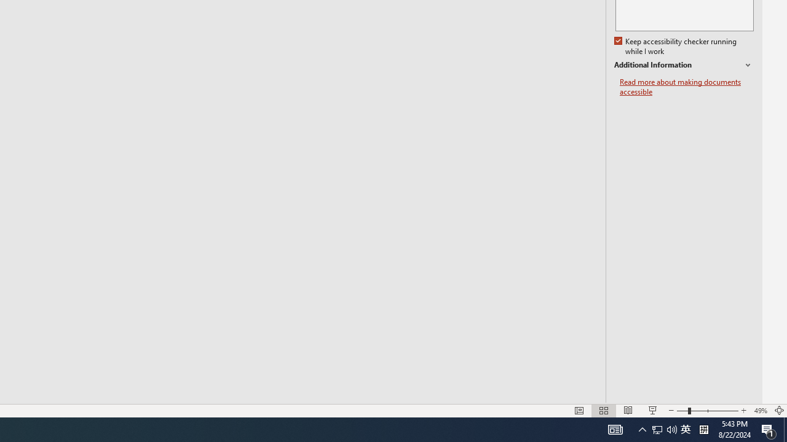 The image size is (787, 442). I want to click on 'Zoom 49%', so click(760, 411).